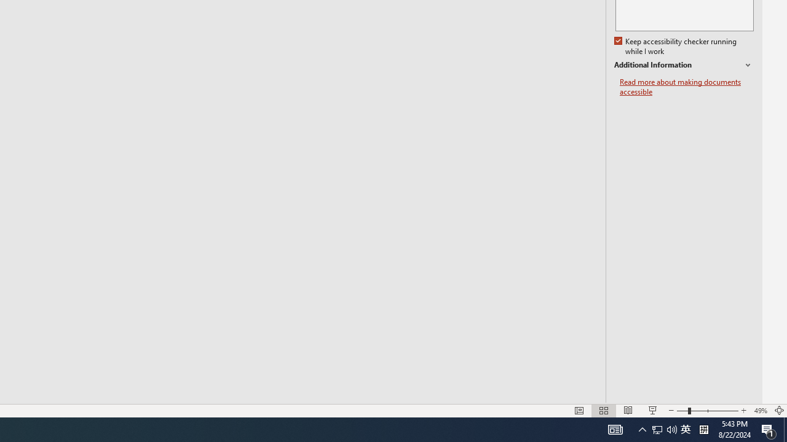 The image size is (787, 442). I want to click on 'Zoom 49%', so click(760, 411).